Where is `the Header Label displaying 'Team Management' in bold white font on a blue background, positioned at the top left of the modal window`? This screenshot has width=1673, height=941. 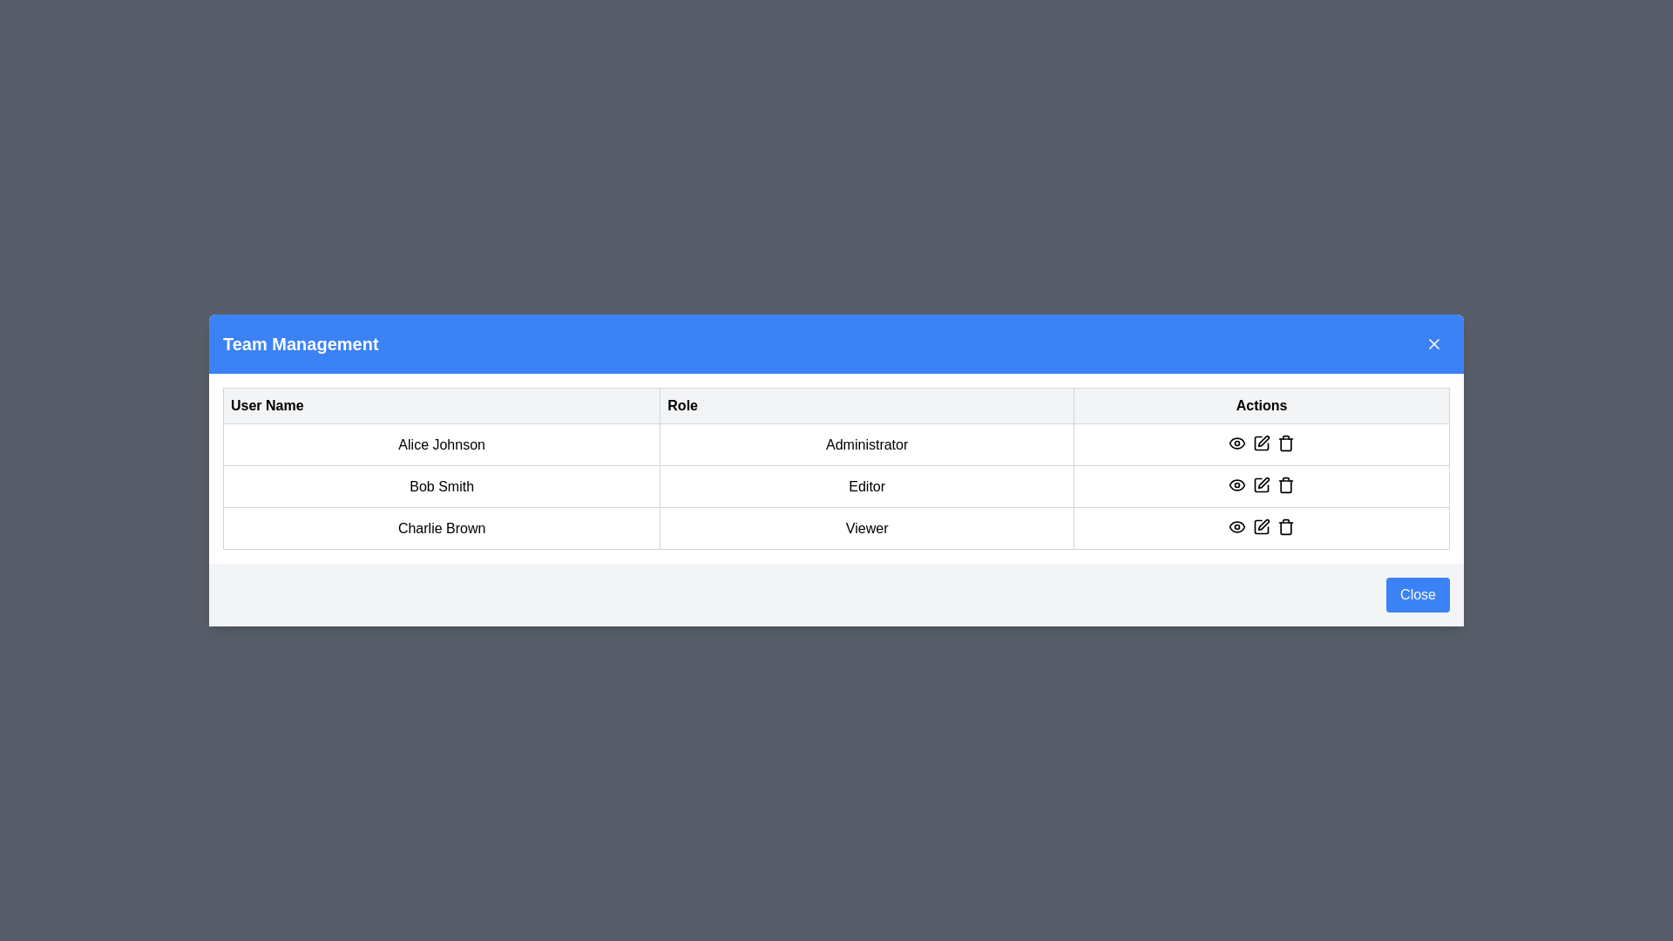 the Header Label displaying 'Team Management' in bold white font on a blue background, positioned at the top left of the modal window is located at coordinates (301, 343).